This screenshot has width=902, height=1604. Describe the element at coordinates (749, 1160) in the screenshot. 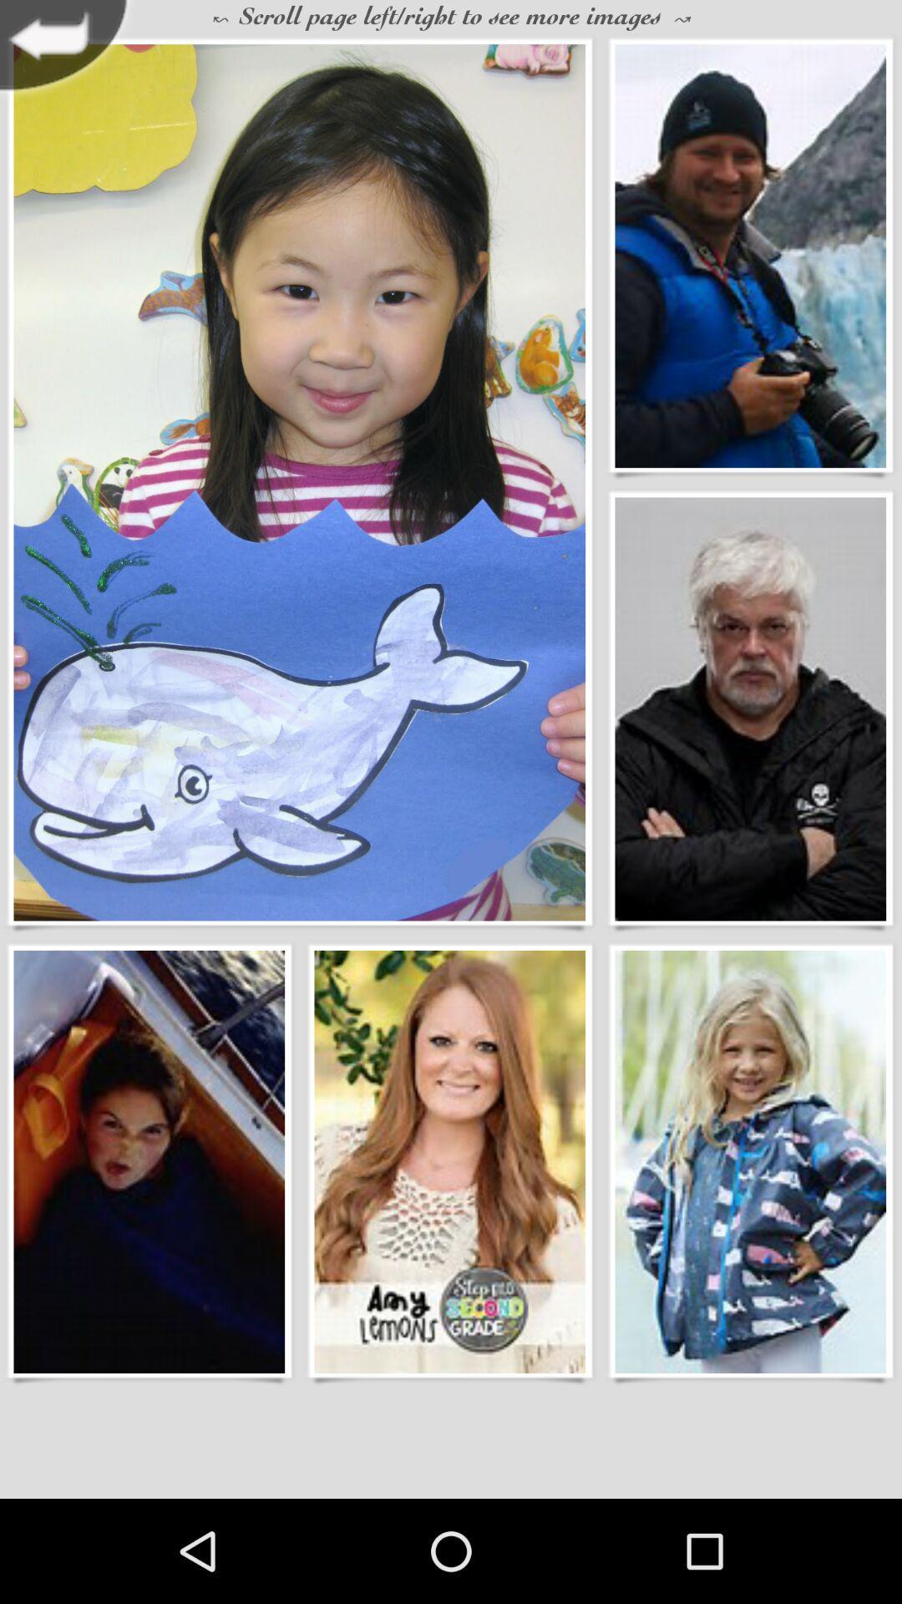

I see `image` at that location.